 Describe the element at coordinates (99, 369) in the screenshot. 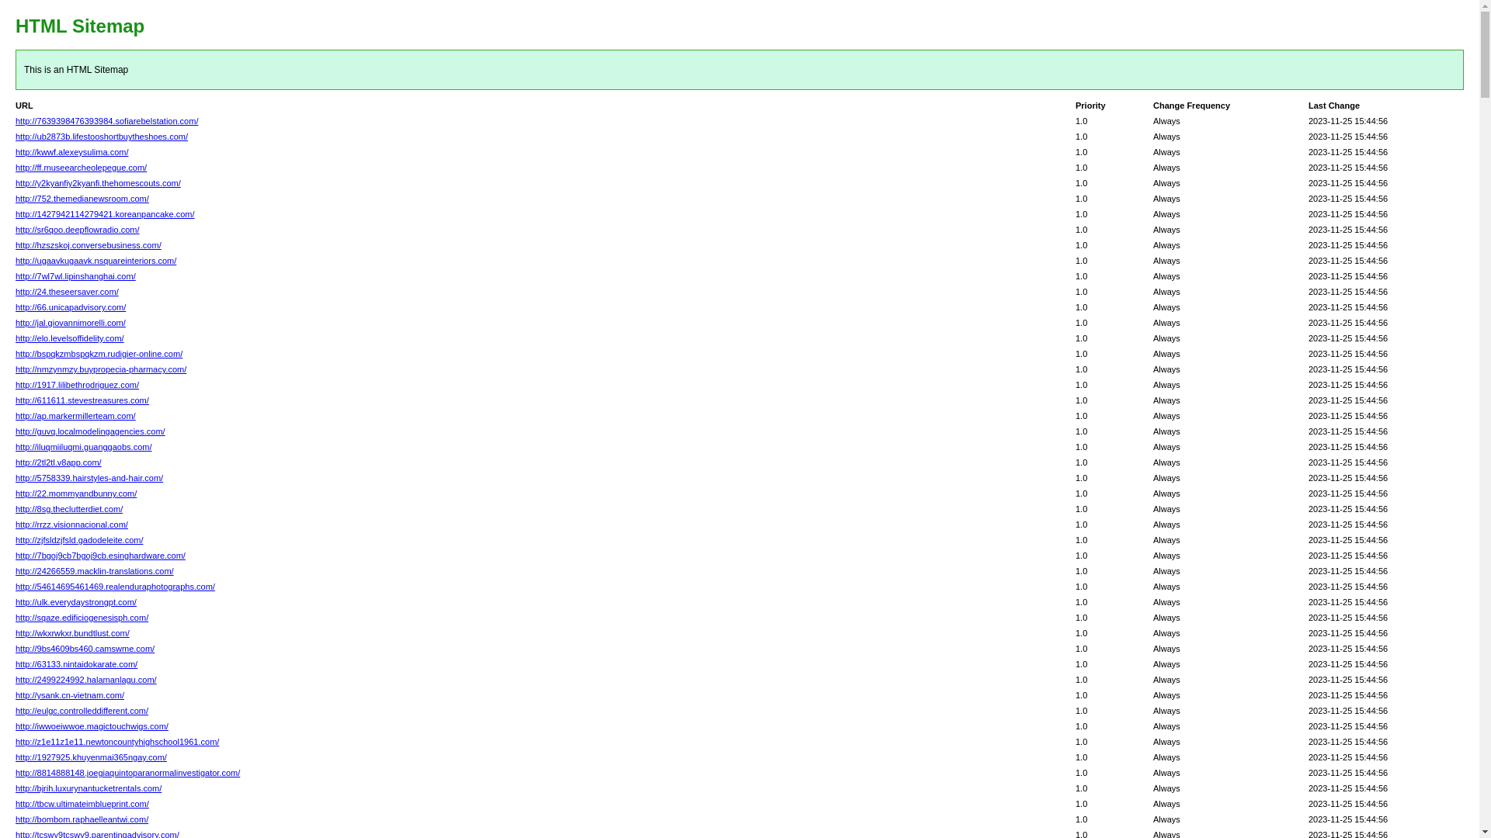

I see `'http://nmzynmzy.buypropecia-pharmacy.com/'` at that location.